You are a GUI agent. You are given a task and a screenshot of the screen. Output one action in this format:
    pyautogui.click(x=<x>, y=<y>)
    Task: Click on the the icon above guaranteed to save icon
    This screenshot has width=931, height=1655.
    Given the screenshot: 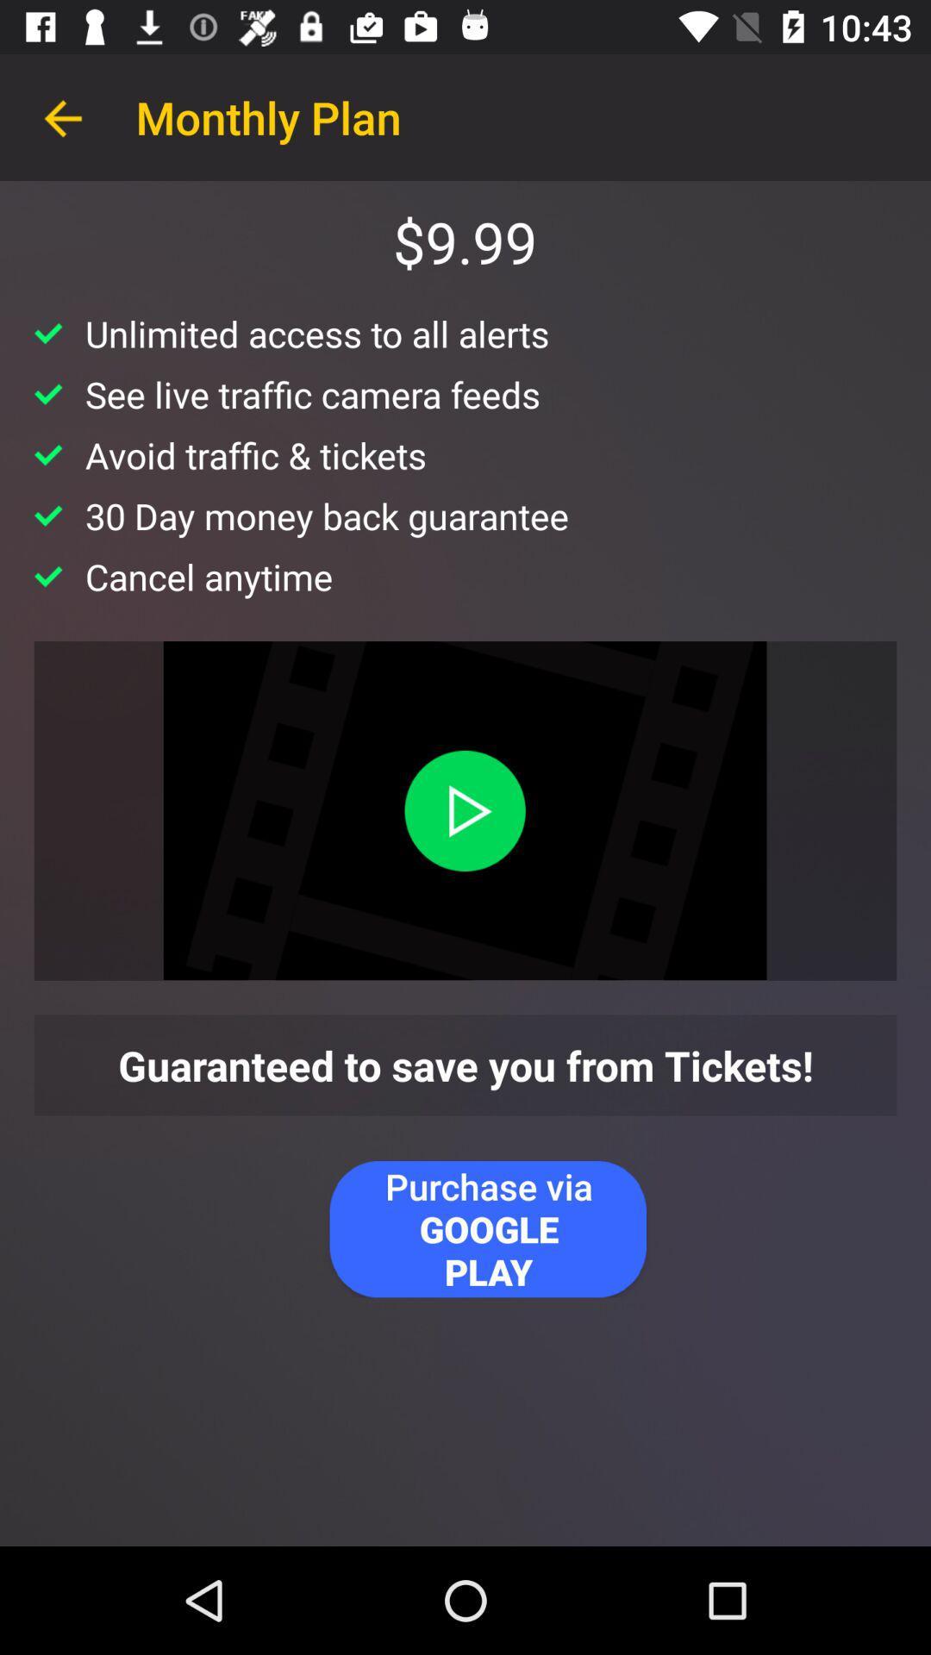 What is the action you would take?
    pyautogui.click(x=464, y=809)
    